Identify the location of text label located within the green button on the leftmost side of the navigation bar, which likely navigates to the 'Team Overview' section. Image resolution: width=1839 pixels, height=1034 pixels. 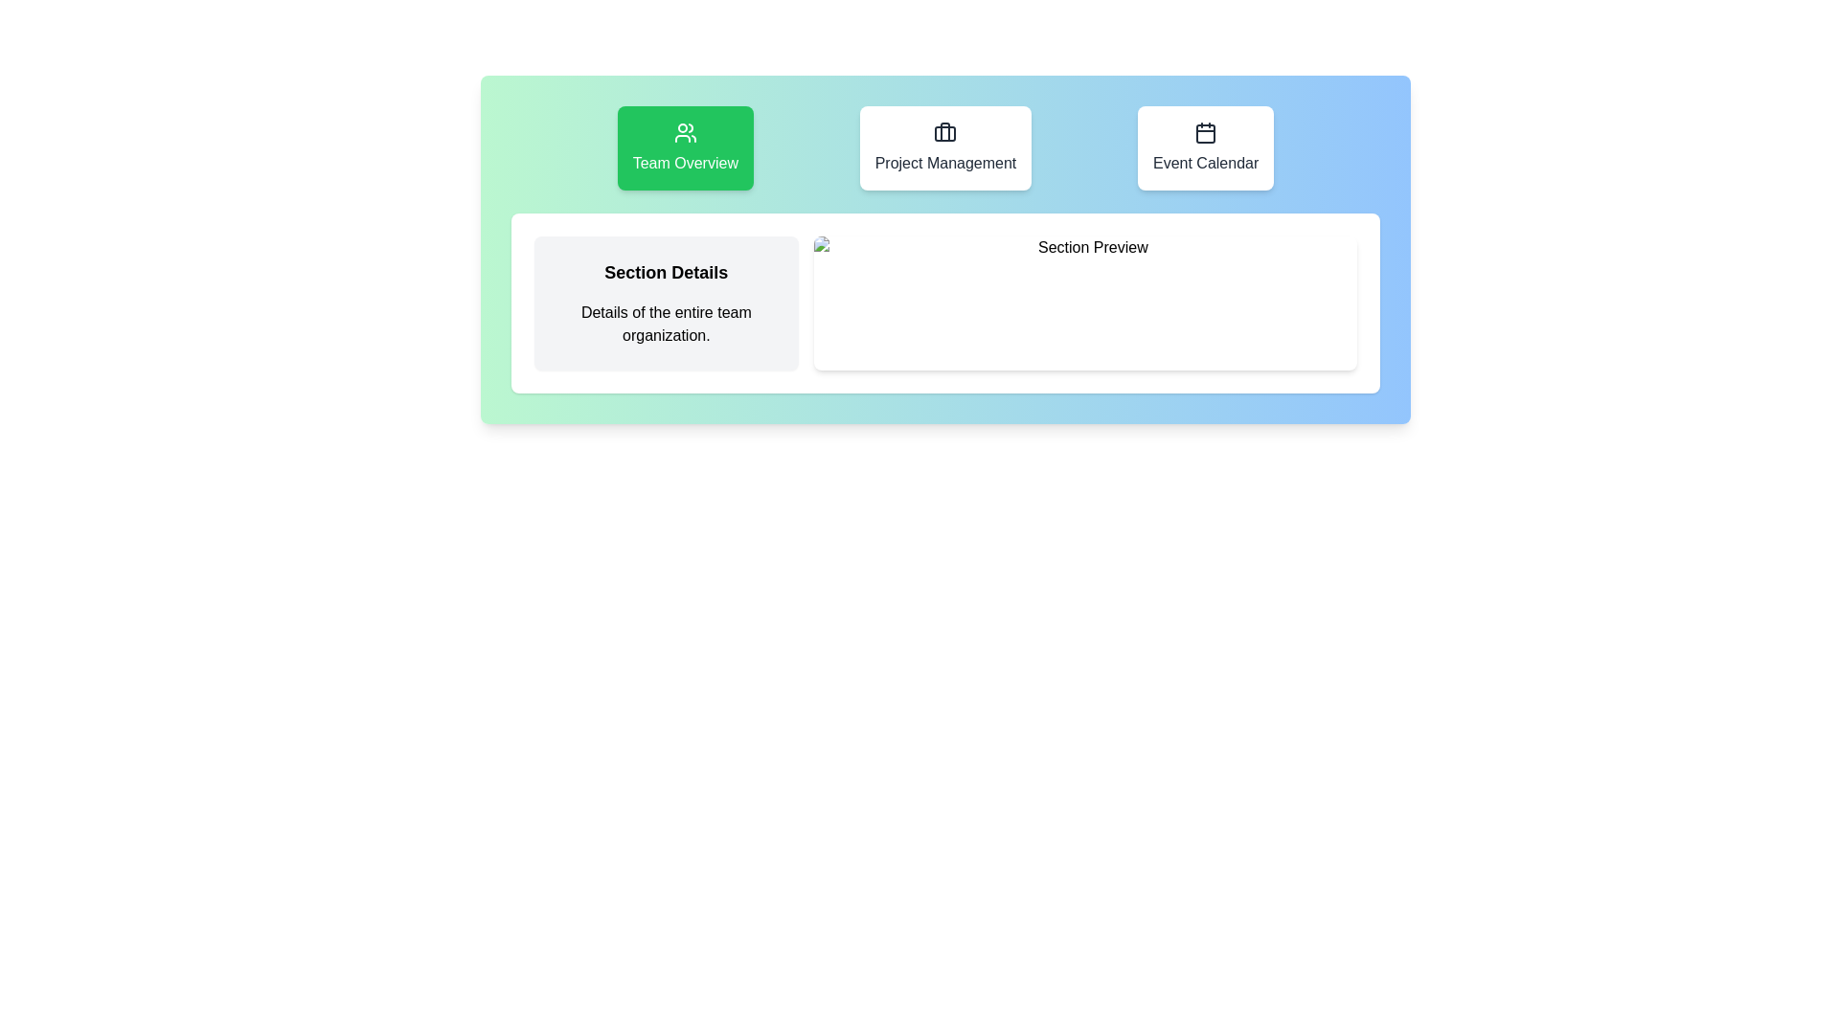
(685, 162).